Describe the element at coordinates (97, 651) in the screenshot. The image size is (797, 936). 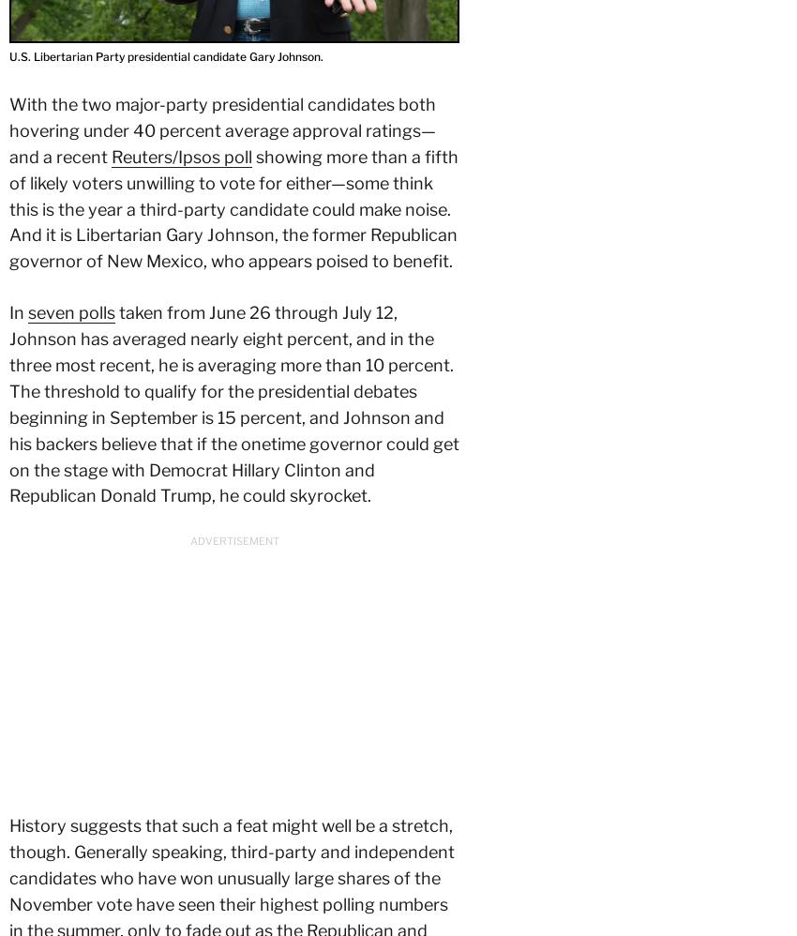
I see `'Politics'` at that location.